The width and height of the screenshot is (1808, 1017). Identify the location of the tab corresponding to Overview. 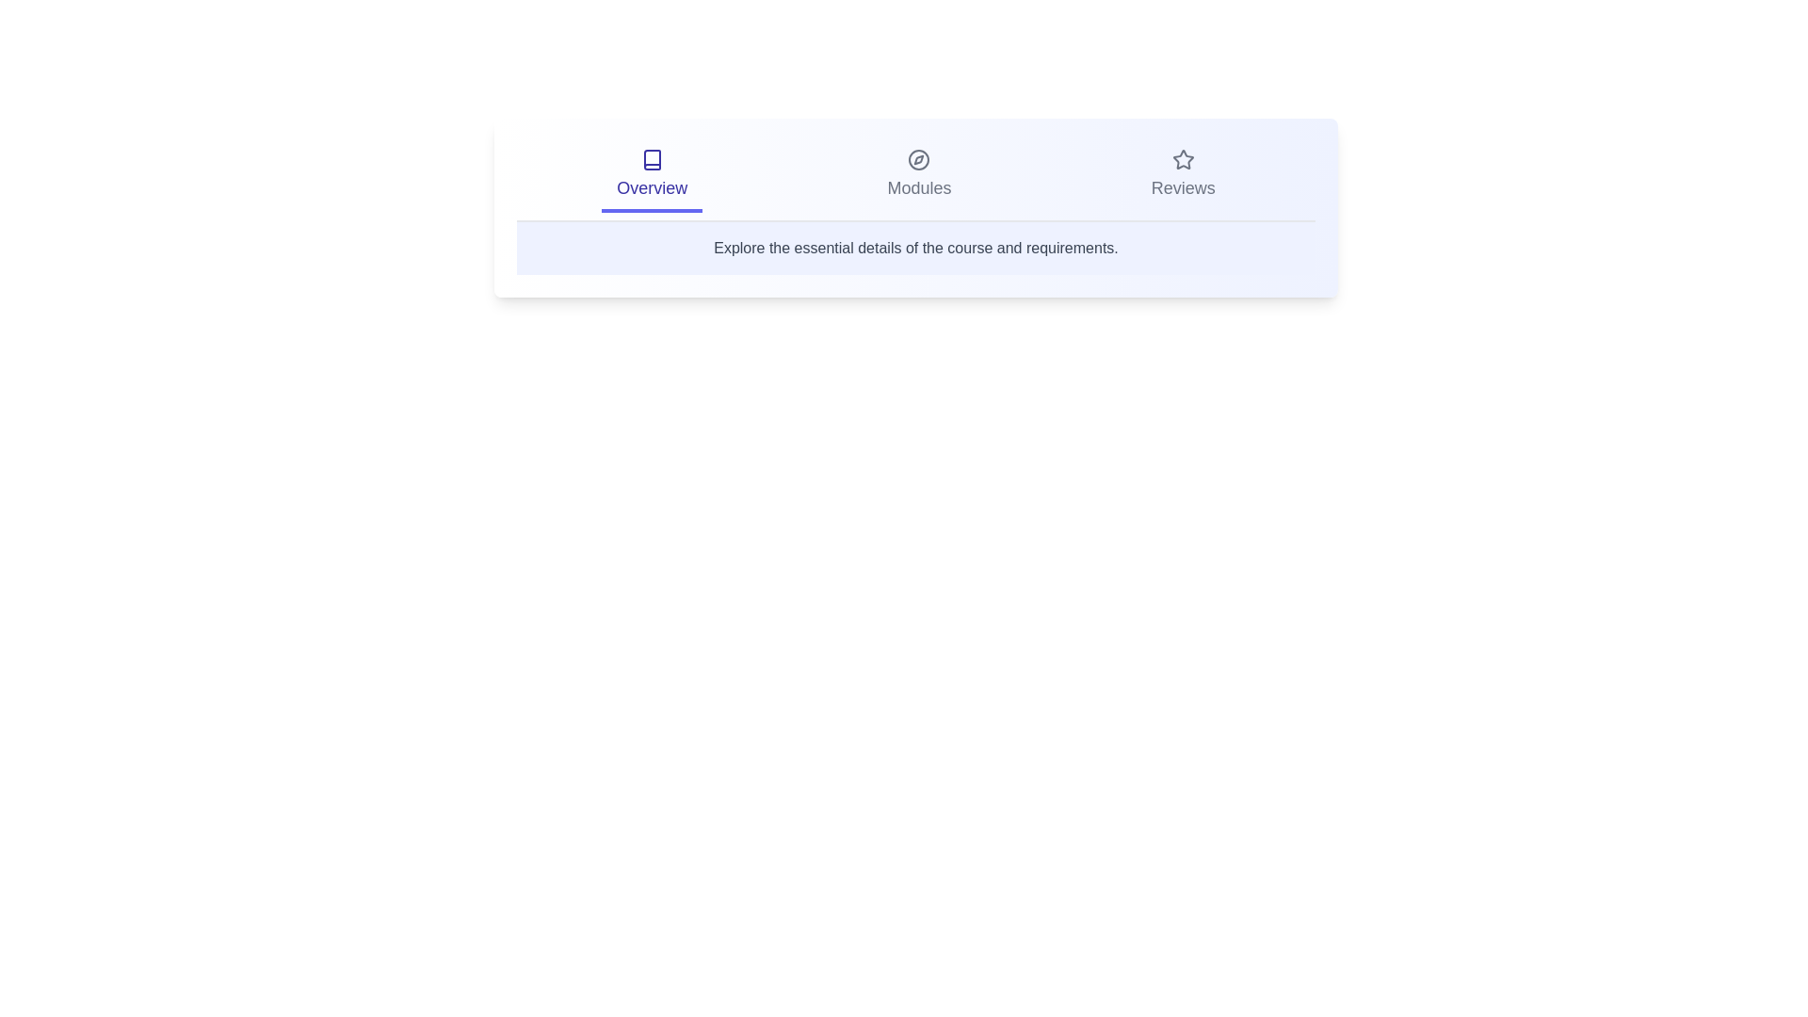
(652, 177).